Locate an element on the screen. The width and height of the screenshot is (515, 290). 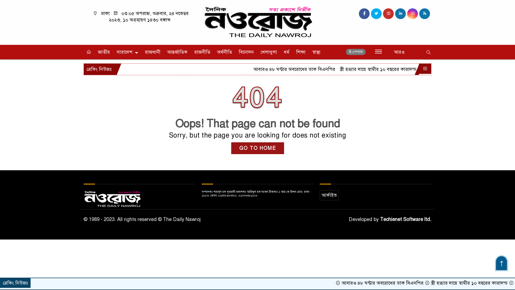
'twitter' is located at coordinates (376, 13).